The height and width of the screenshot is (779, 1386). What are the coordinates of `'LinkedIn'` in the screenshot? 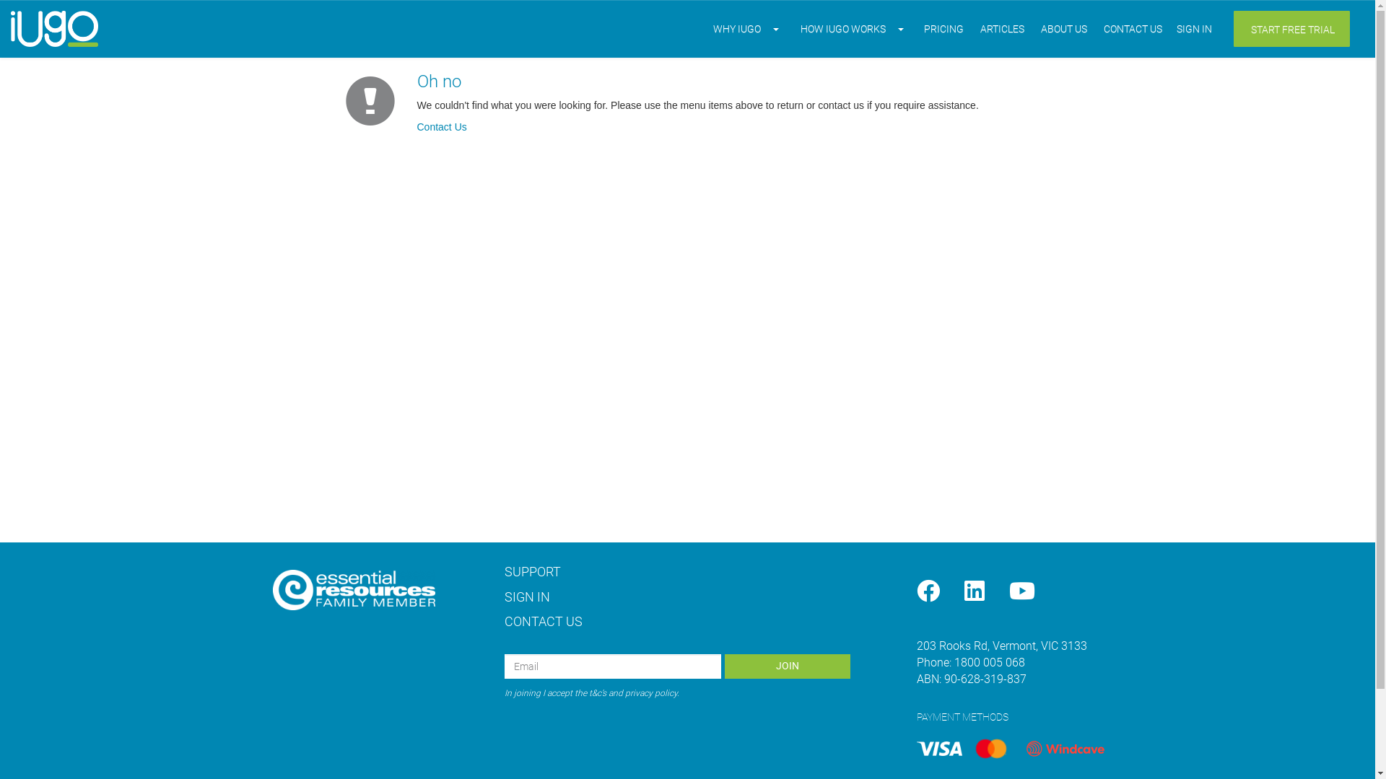 It's located at (964, 591).